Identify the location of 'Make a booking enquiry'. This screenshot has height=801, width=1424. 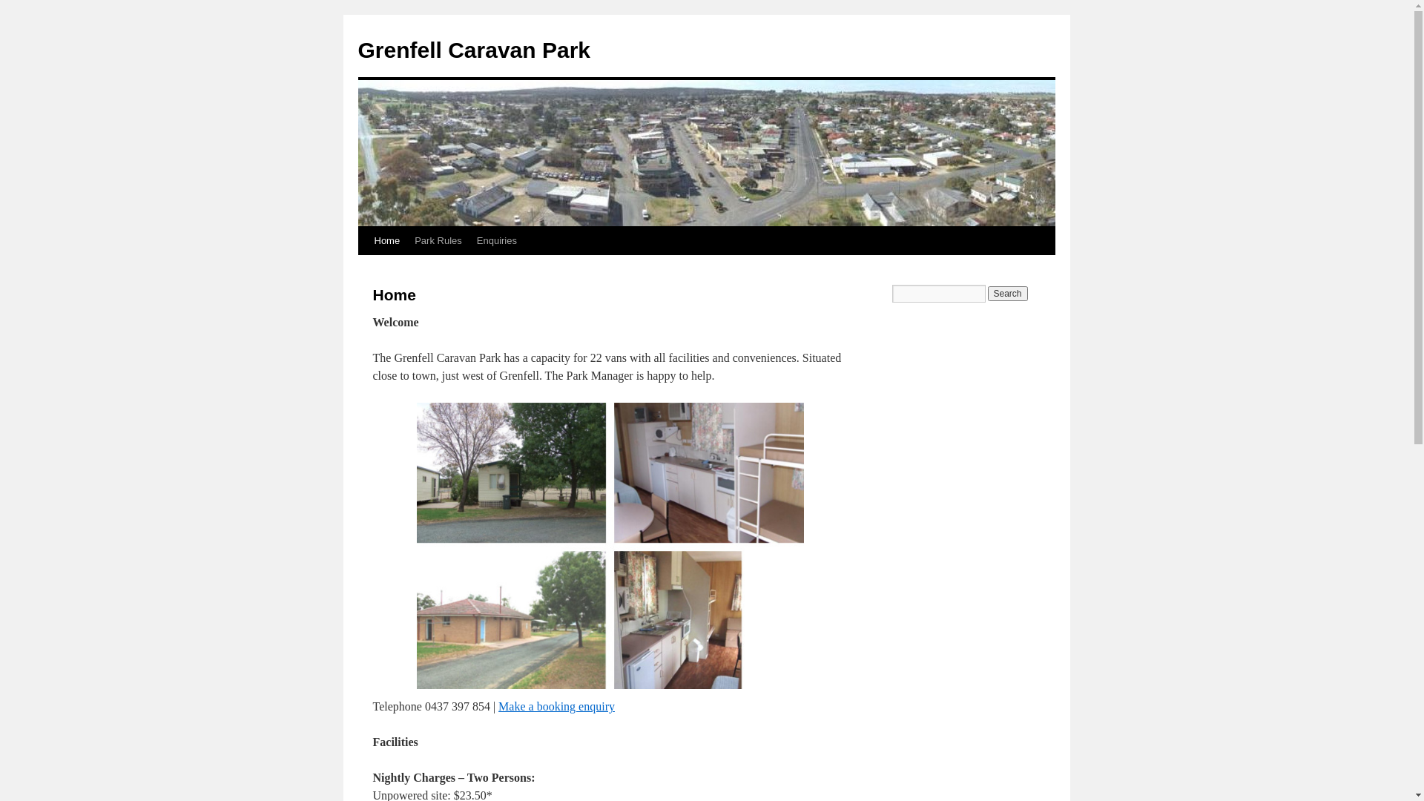
(556, 705).